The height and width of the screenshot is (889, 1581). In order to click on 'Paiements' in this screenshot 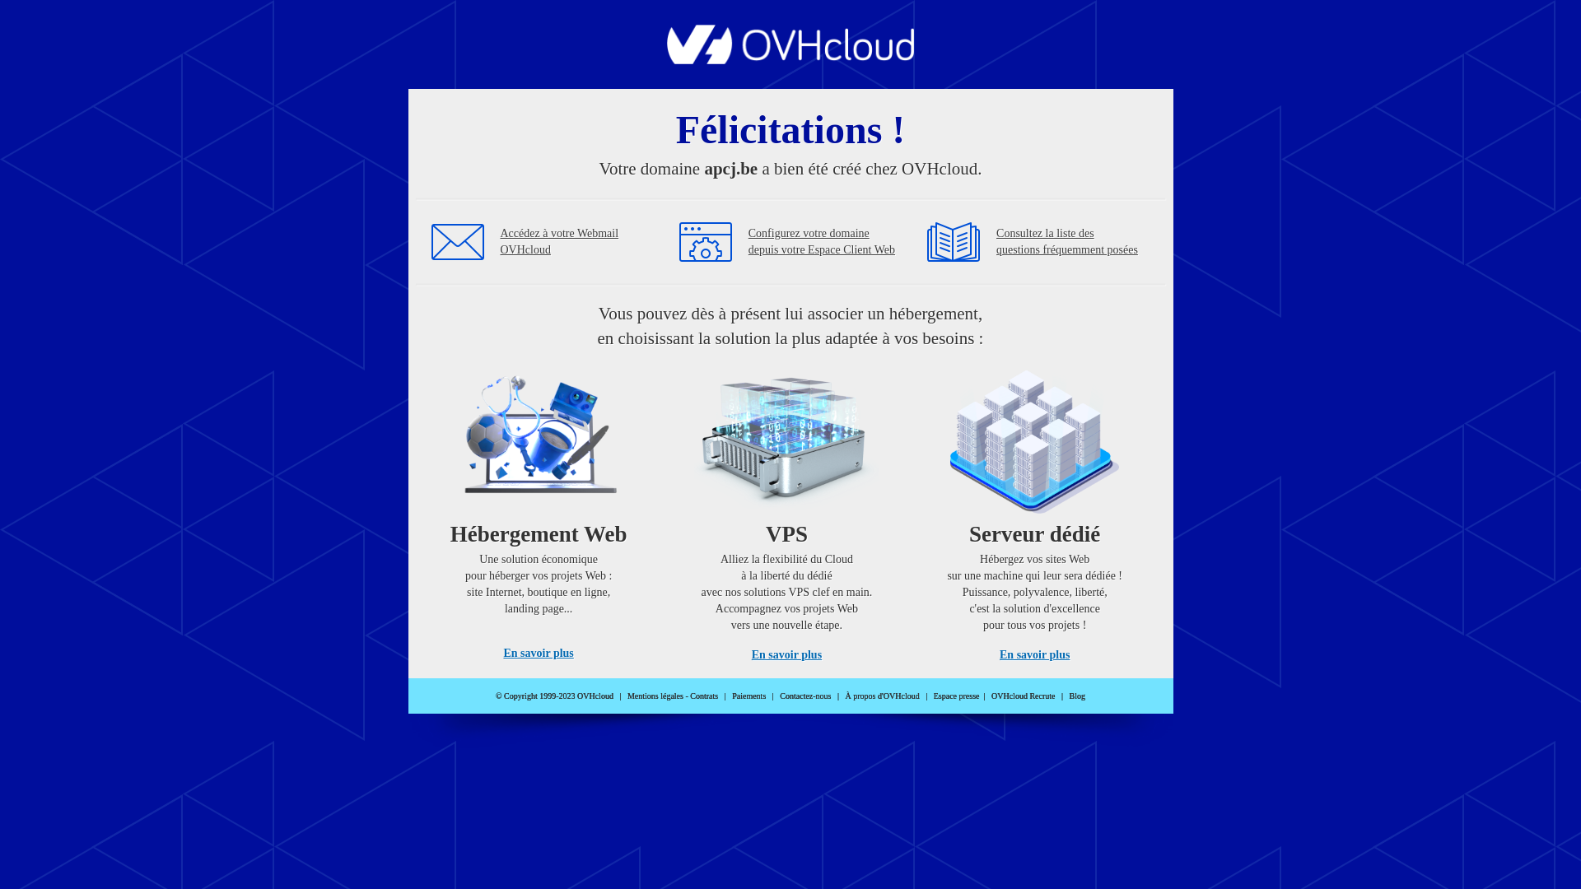, I will do `click(730, 696)`.